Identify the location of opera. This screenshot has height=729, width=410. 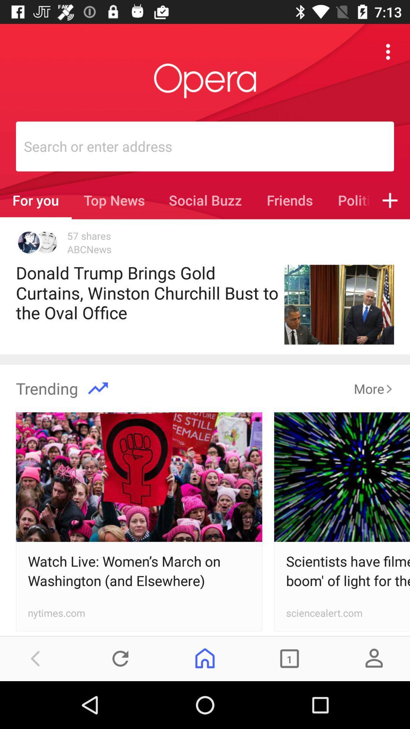
(205, 81).